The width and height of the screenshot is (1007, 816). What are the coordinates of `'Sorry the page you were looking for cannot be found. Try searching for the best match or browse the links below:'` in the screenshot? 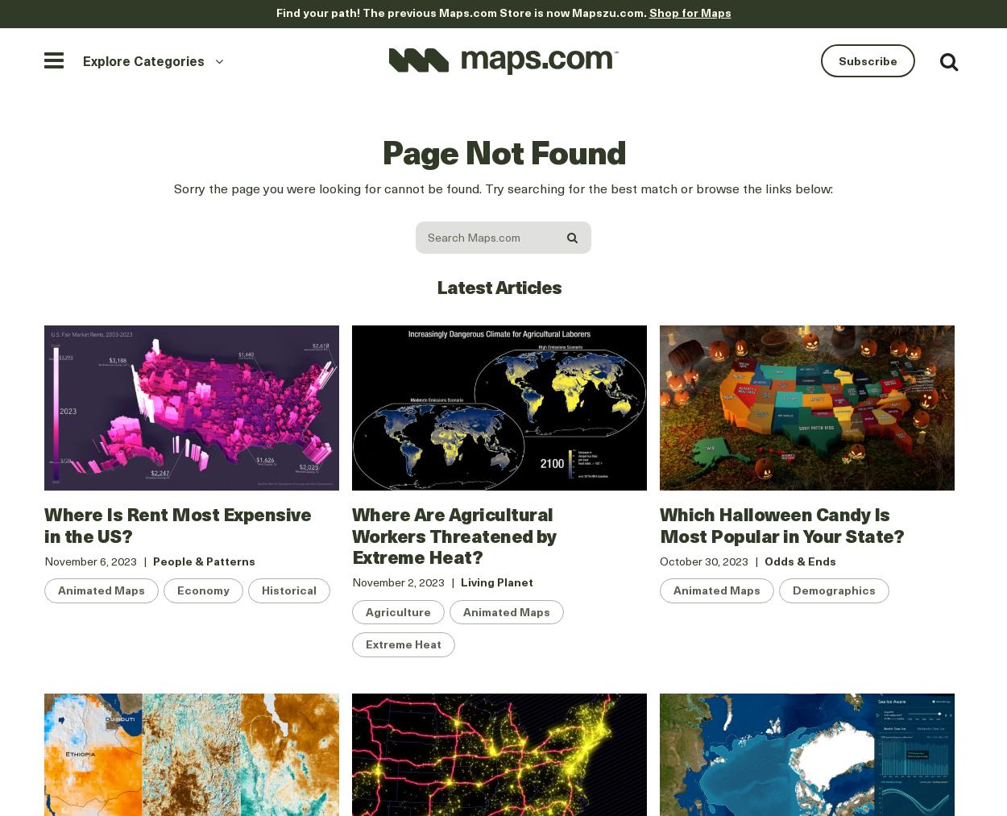 It's located at (503, 186).